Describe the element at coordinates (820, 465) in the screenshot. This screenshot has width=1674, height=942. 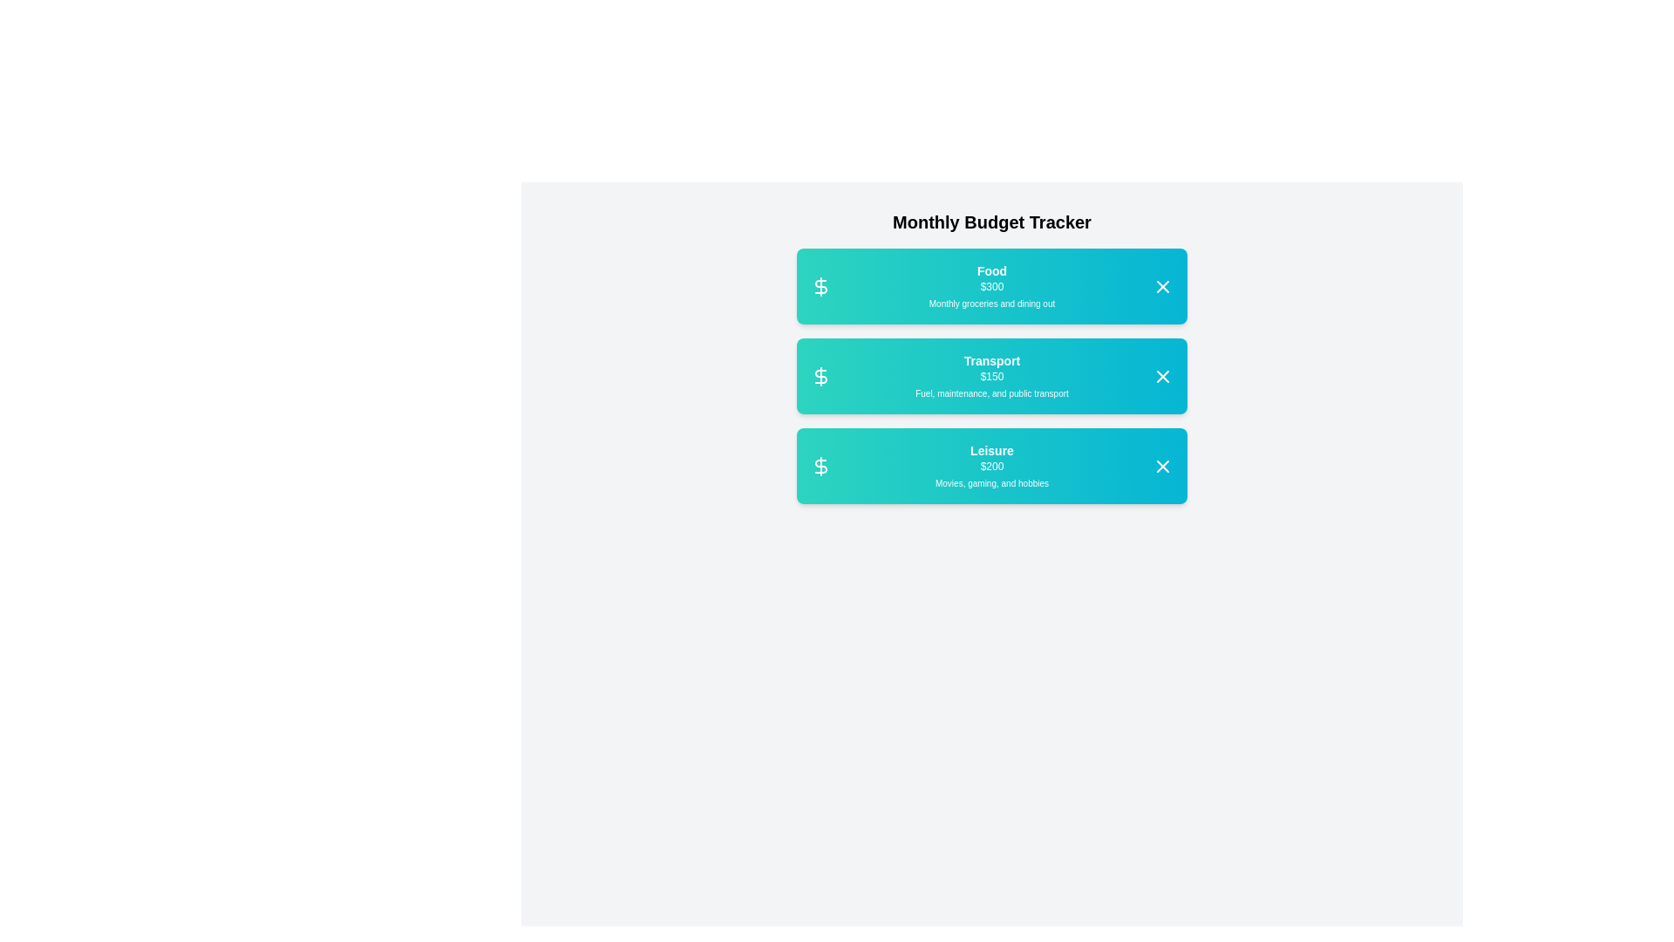
I see `the dollar sign icon to highlight it for the category Leisure` at that location.